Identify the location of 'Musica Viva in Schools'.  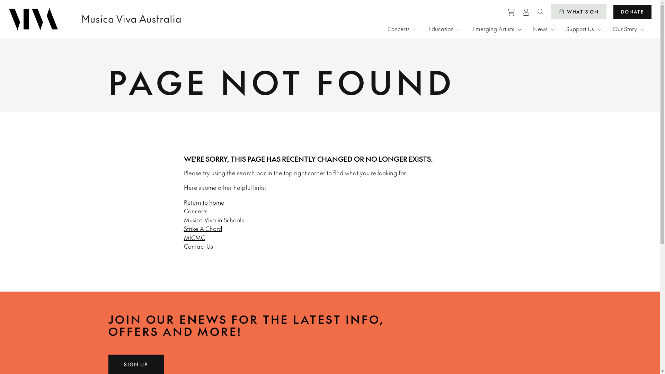
(213, 219).